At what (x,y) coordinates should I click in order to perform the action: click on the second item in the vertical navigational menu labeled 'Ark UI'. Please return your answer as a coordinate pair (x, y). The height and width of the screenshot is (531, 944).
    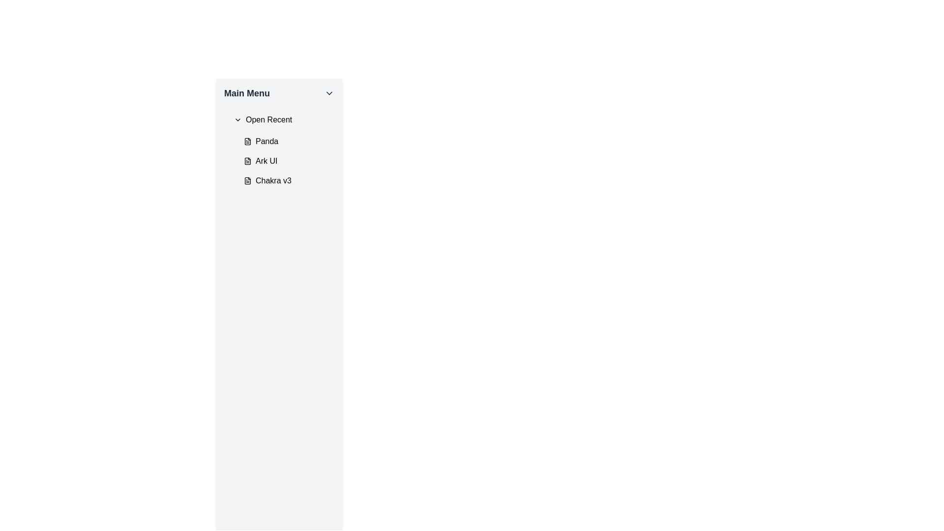
    Looking at the image, I should click on (290, 160).